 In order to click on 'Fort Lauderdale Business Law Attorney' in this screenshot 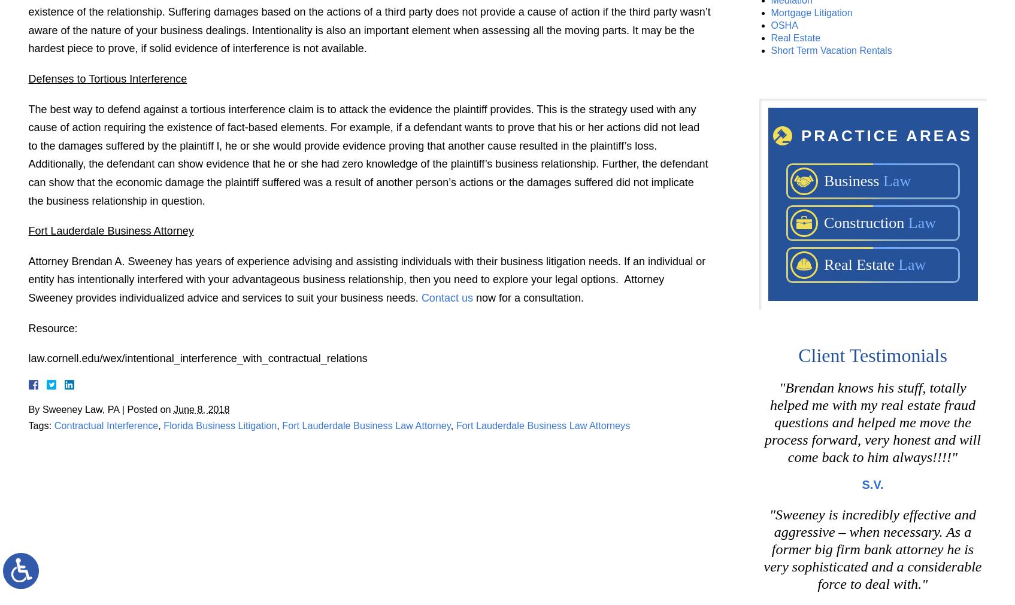, I will do `click(281, 425)`.